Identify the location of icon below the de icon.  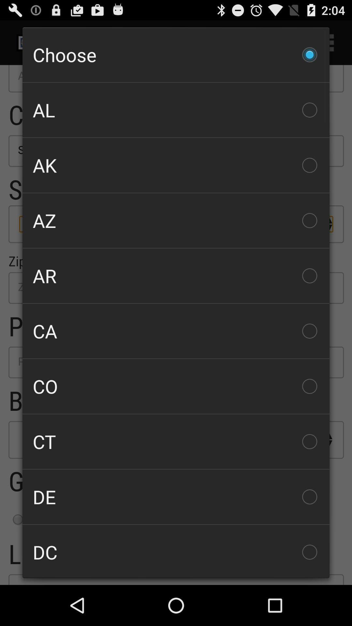
(176, 551).